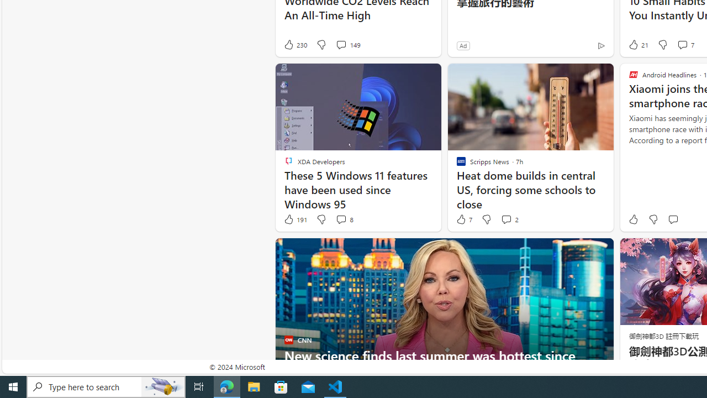 The image size is (707, 398). Describe the element at coordinates (295, 44) in the screenshot. I see `'230 Like'` at that location.